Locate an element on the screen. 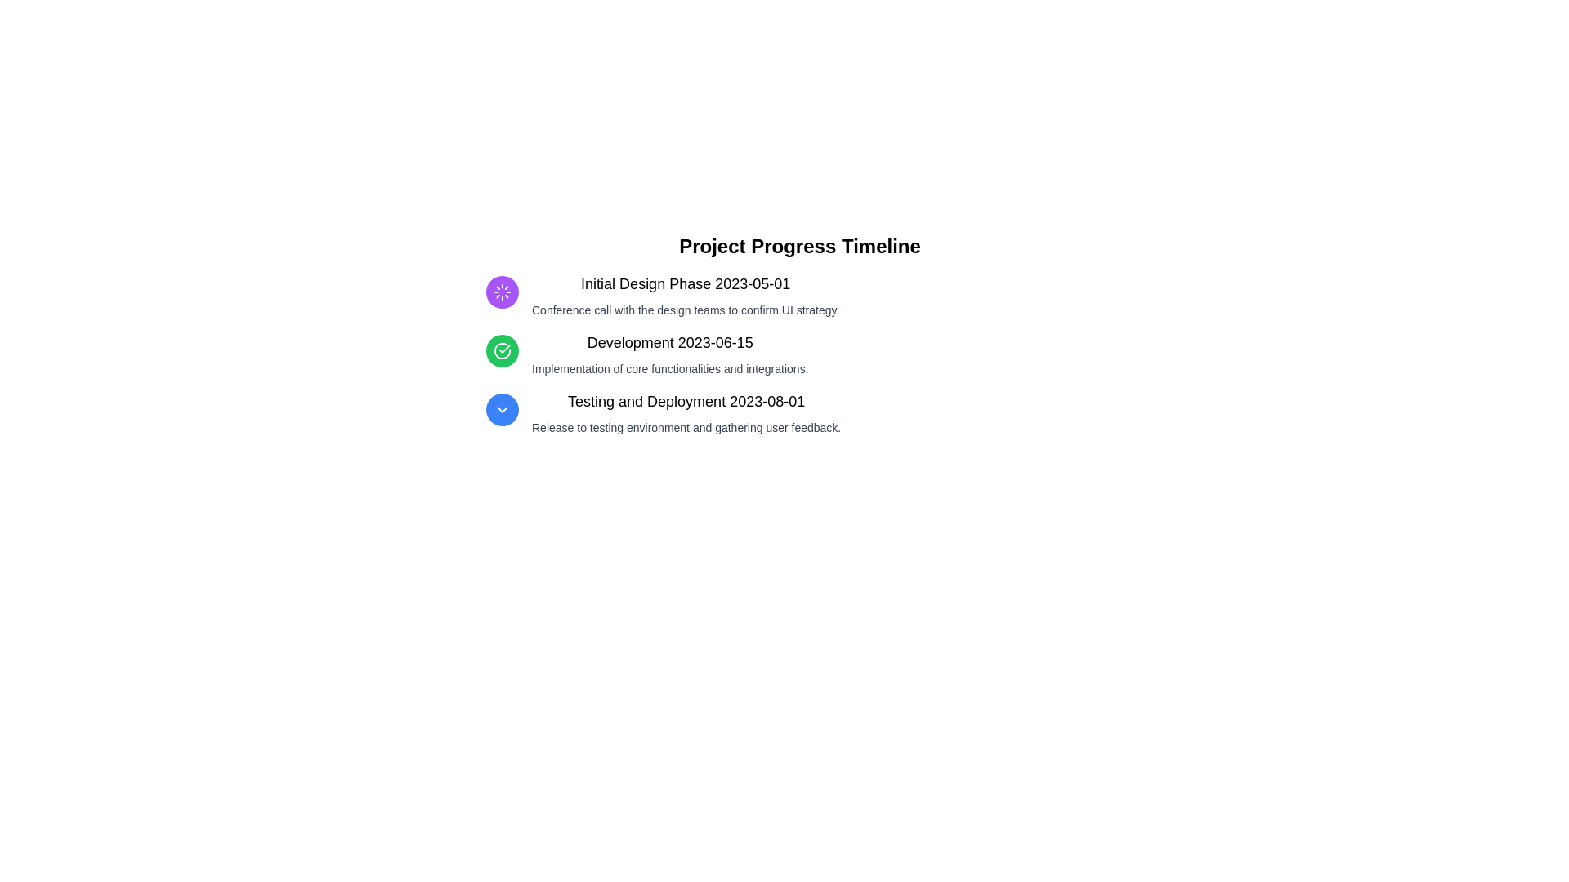  the text element that provides additional context related to the 'Testing and Deployment 2023-08-01' milestone, positioned below the bold text labeled 'Testing and Deployment 2023-08-01' is located at coordinates (686, 427).